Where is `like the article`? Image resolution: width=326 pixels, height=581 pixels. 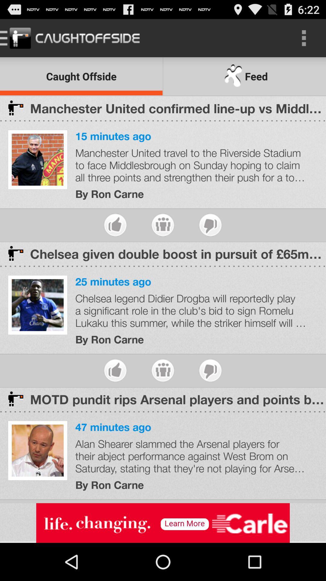 like the article is located at coordinates (115, 225).